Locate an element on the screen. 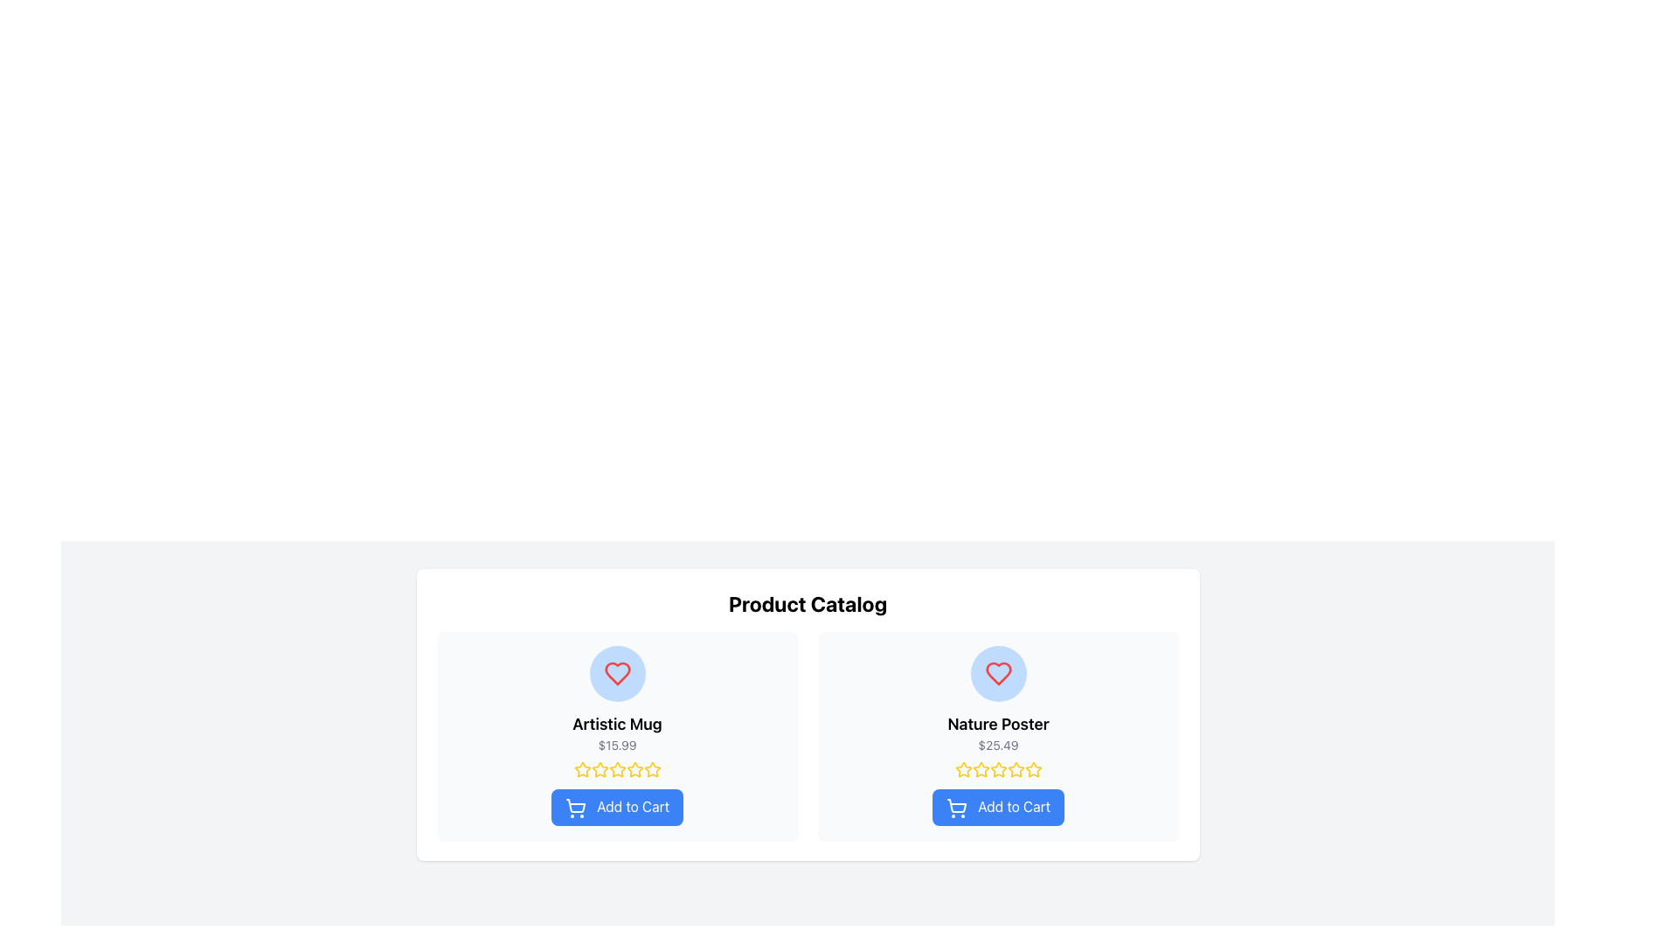 Image resolution: width=1678 pixels, height=944 pixels. the shopping cart icon that is part of the 'Add to Cart' button for the 'Nature Poster' product, which is outlined in blue and located to the left of the text 'Add to Cart' is located at coordinates (955, 808).